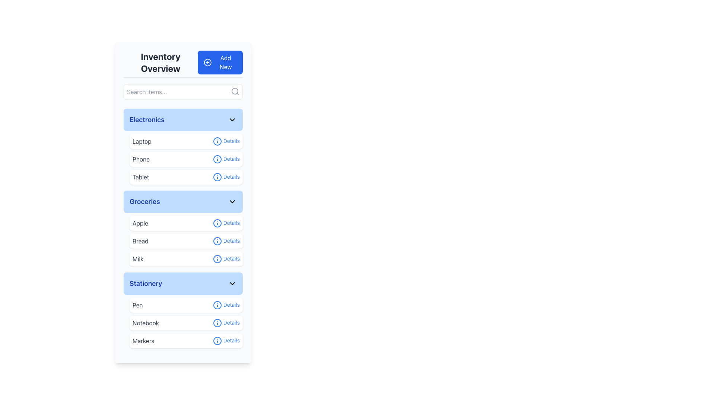  What do you see at coordinates (186, 223) in the screenshot?
I see `the first list item in the 'Groceries' section, which contains the text 'Apple', an information icon, and a clickable link labeled 'Details', to focus on it using keyboard navigation` at bounding box center [186, 223].